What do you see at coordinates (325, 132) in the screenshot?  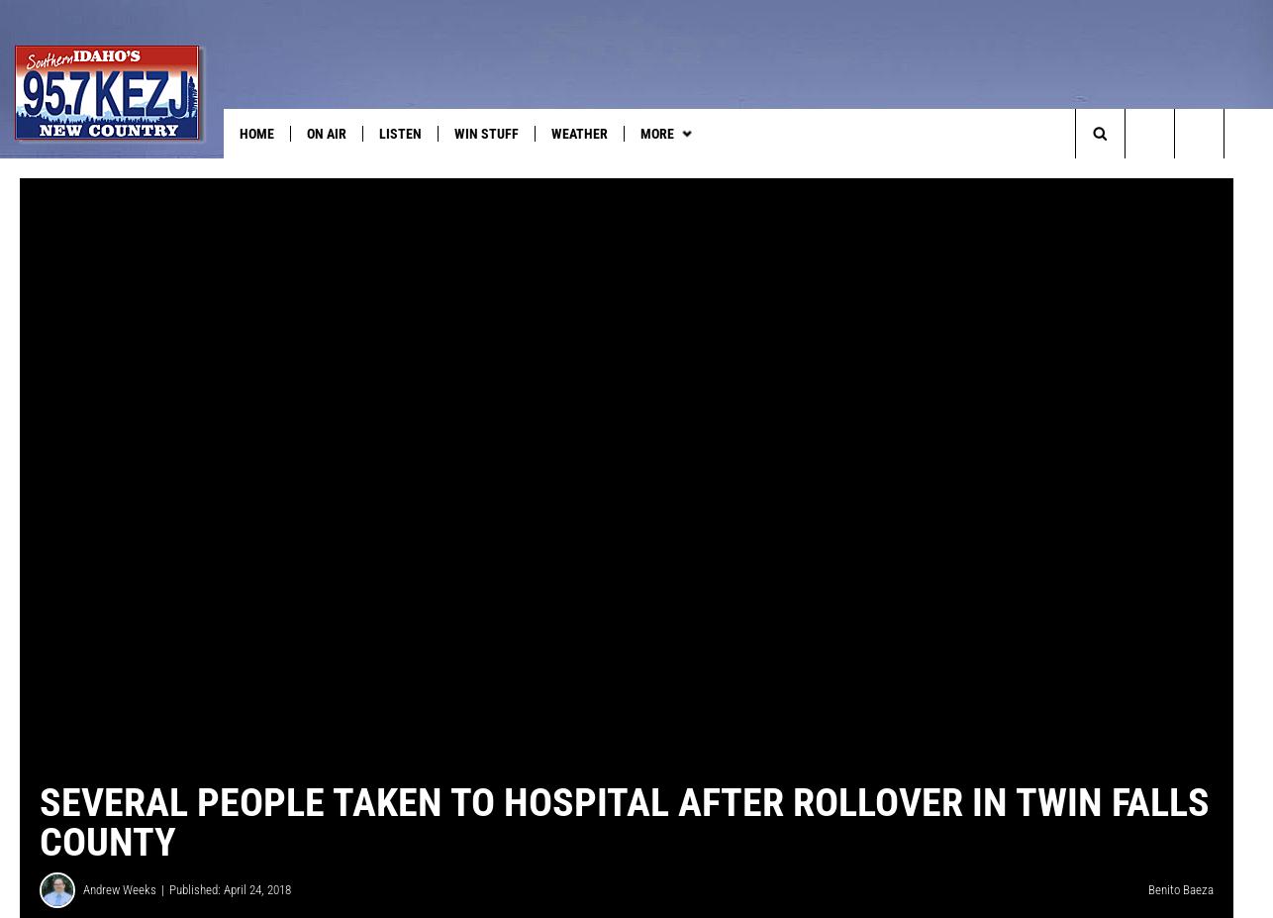 I see `'On Air'` at bounding box center [325, 132].